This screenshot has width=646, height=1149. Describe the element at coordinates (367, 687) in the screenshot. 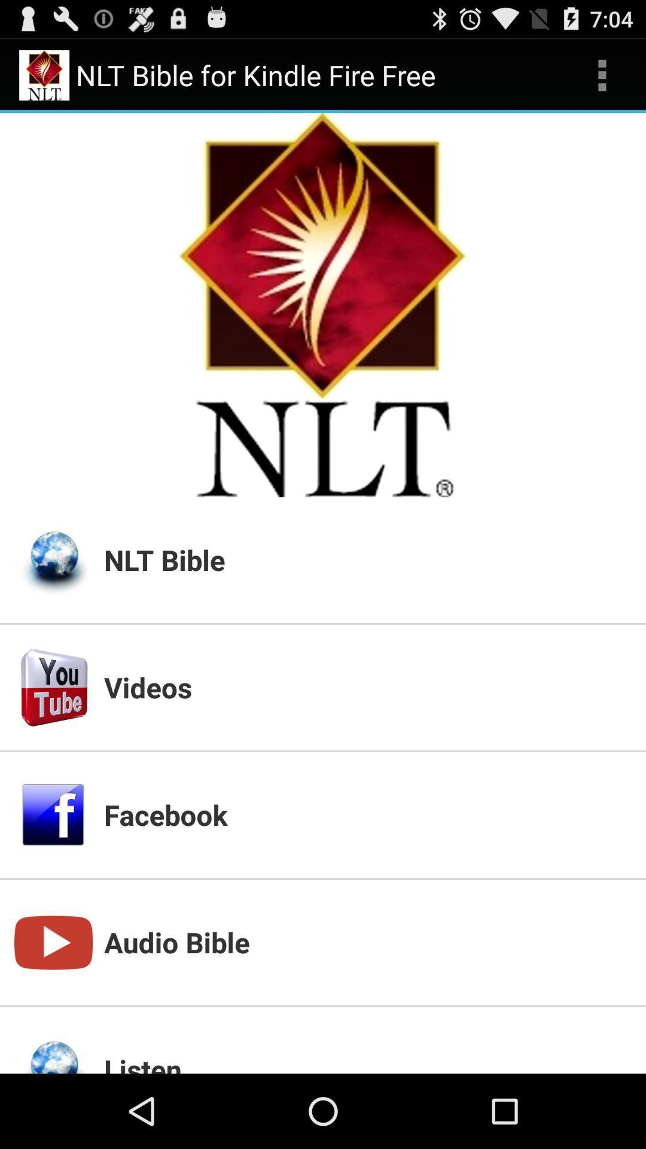

I see `icon below the nlt bible` at that location.